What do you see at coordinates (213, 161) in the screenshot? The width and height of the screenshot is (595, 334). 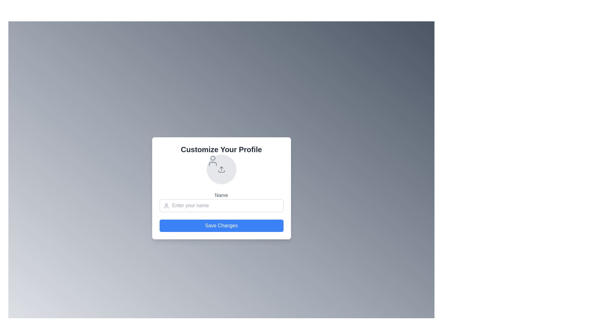 I see `the circular icon depicting a user silhouette, styled in gray and located within the 'Customize Your Profile' dialog box` at bounding box center [213, 161].